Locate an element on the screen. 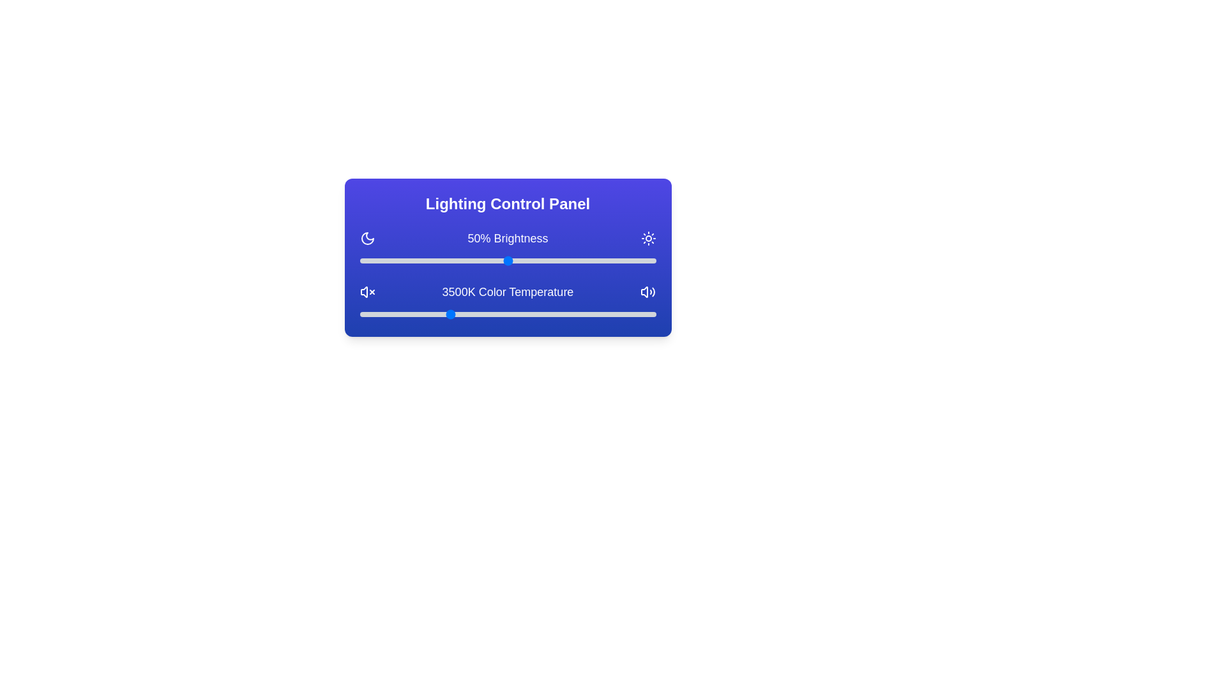  the color temperature slider to 3285 K is located at coordinates (435, 315).